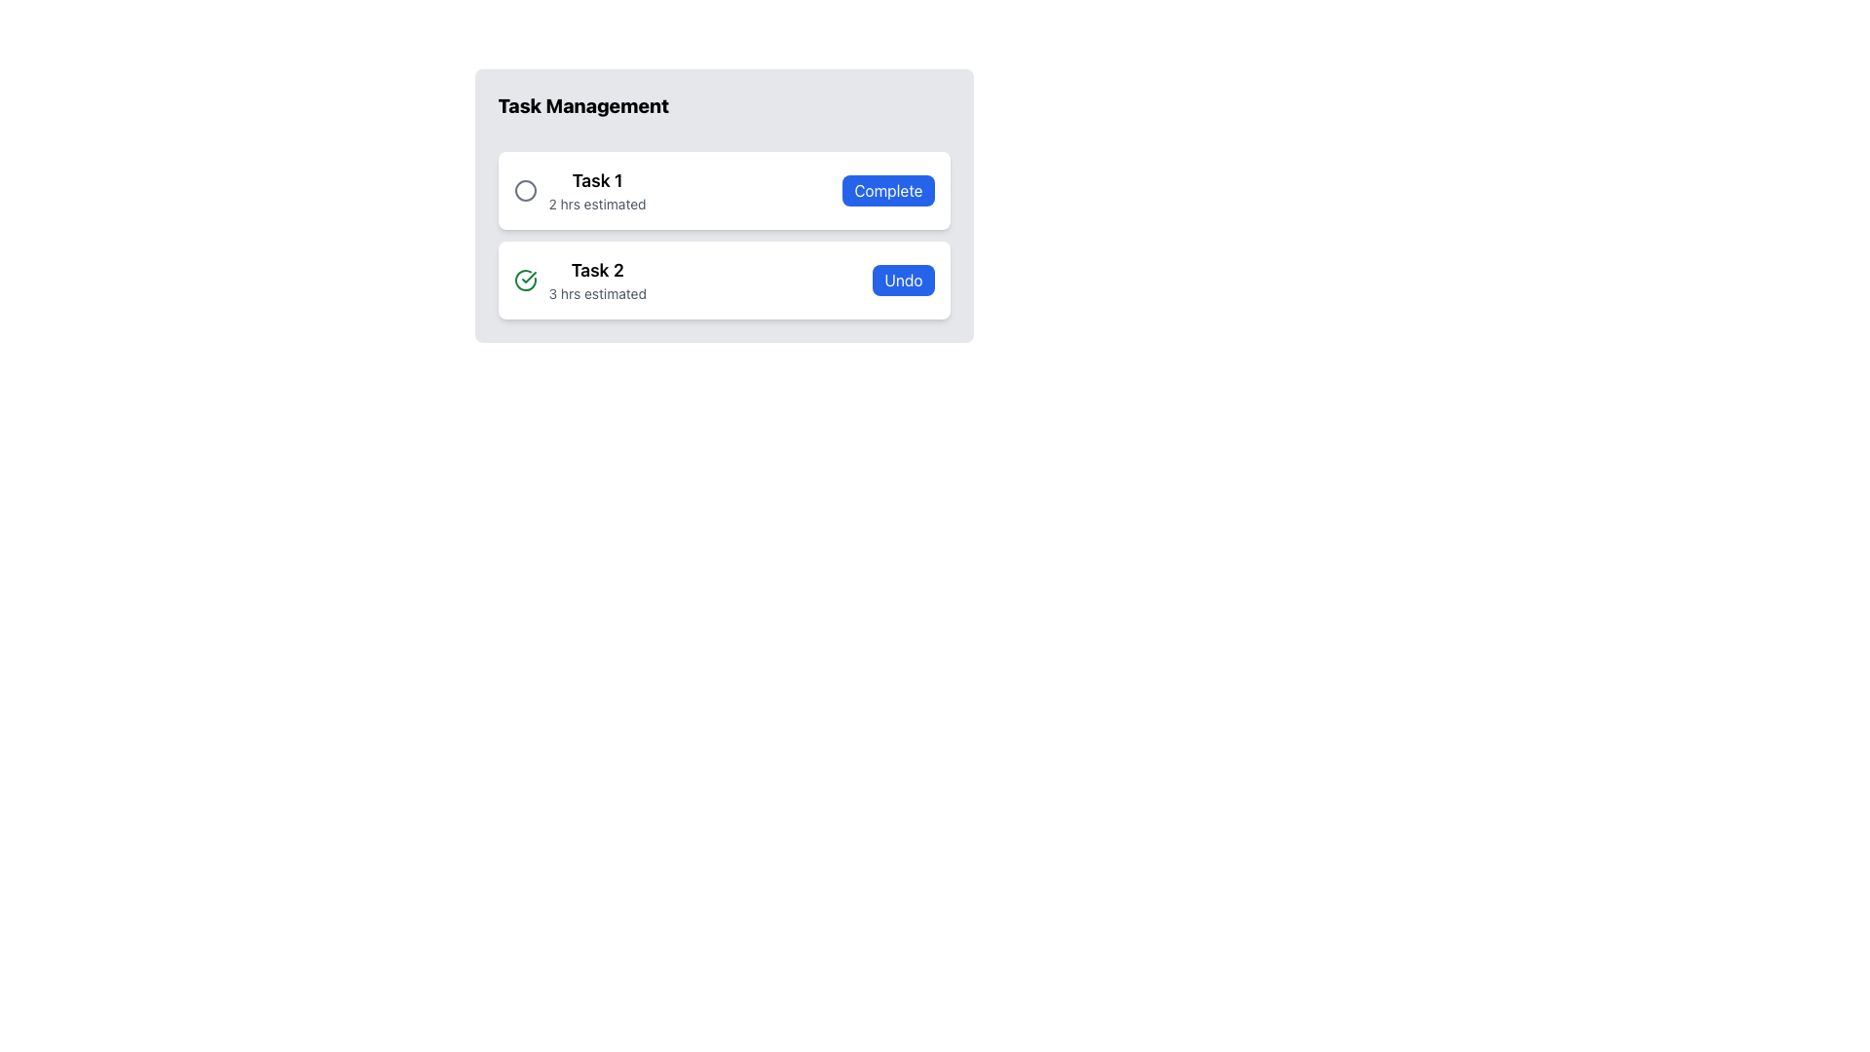  Describe the element at coordinates (525, 281) in the screenshot. I see `the completion status icon located to the left of the bold text 'Task 2' in the second row of the task list` at that location.